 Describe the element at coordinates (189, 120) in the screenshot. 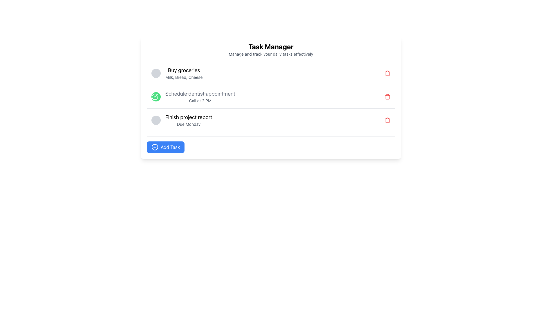

I see `the text label that reads 'Finish project report' with the due date 'Due Monday' in the task management interface` at that location.